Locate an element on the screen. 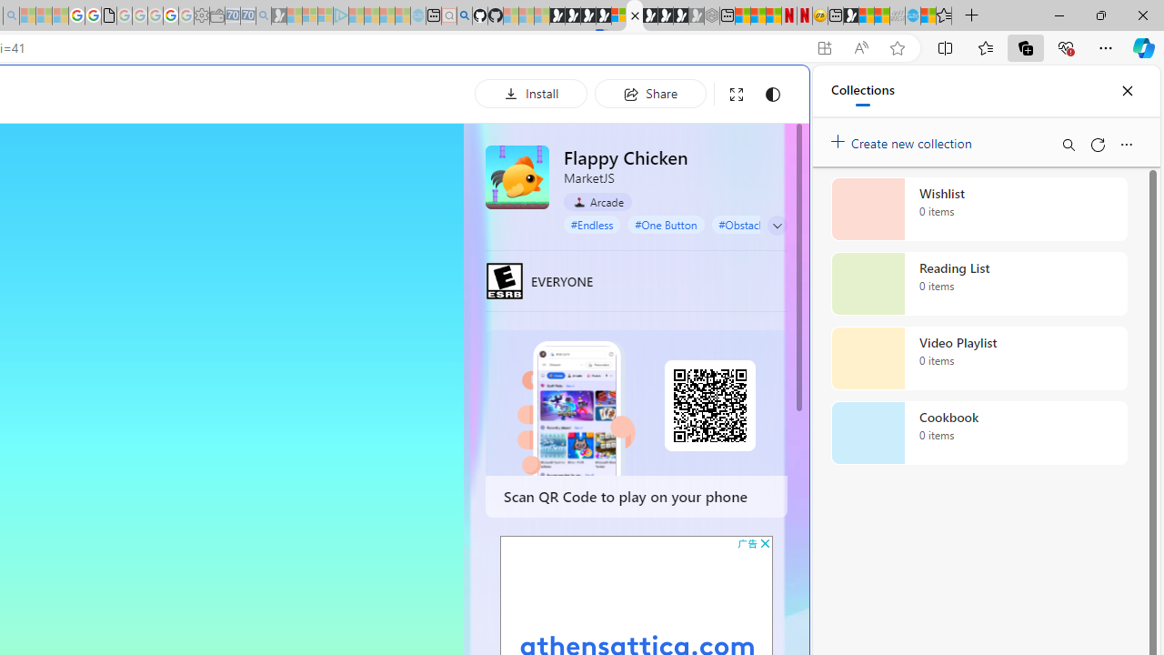 This screenshot has height=655, width=1164. 'github - Search' is located at coordinates (464, 15).